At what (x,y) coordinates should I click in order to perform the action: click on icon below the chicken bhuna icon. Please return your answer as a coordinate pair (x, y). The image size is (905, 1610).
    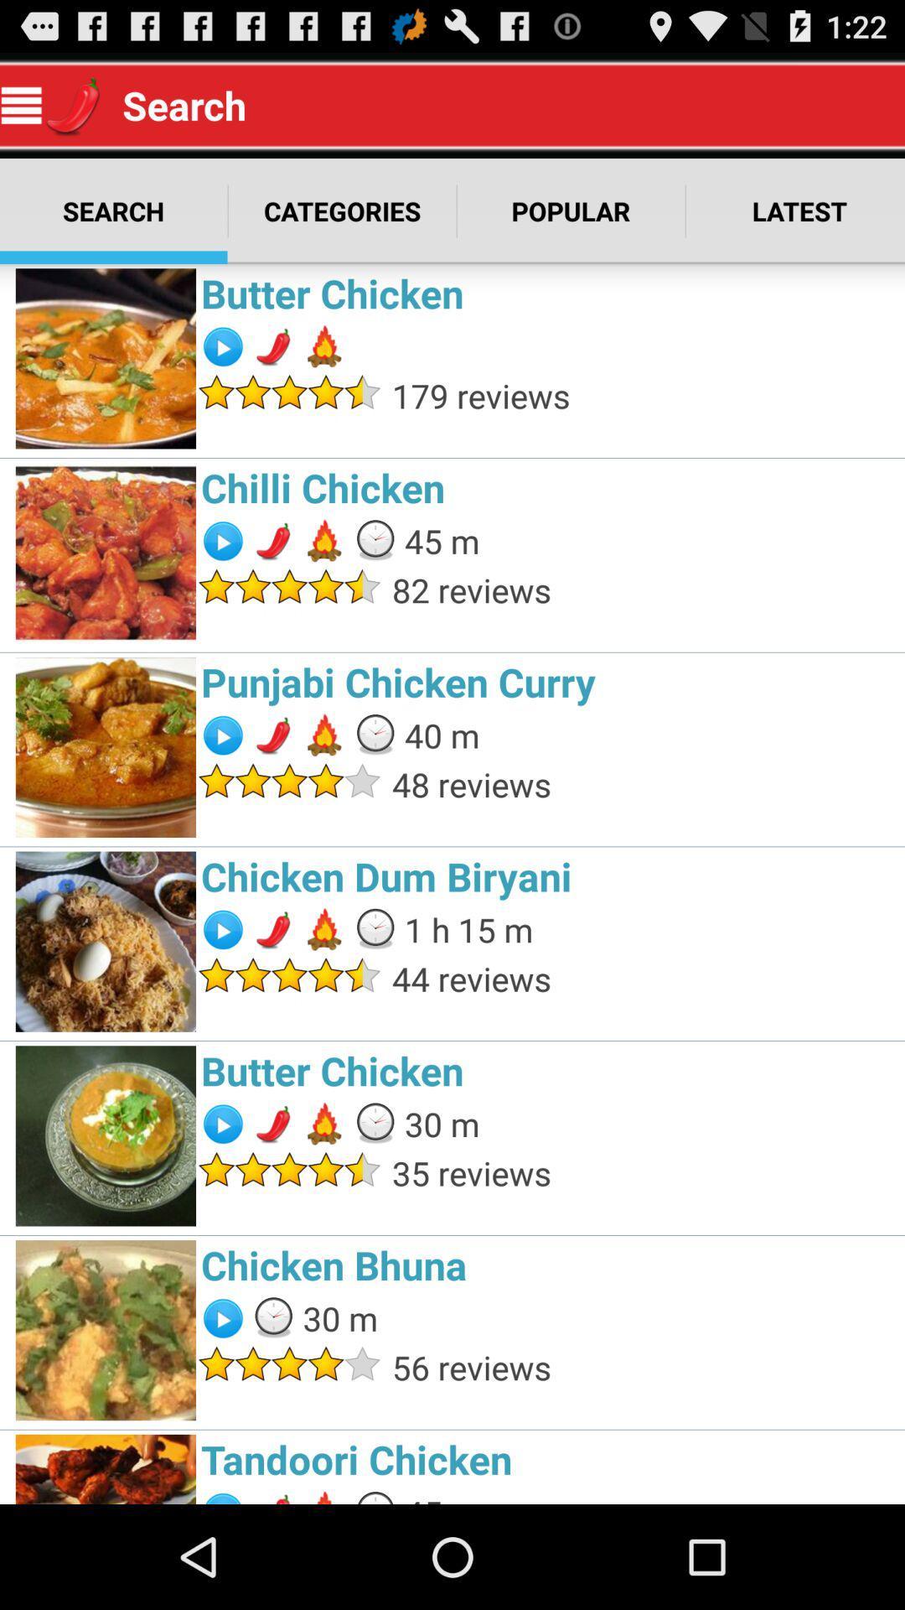
    Looking at the image, I should click on (643, 1367).